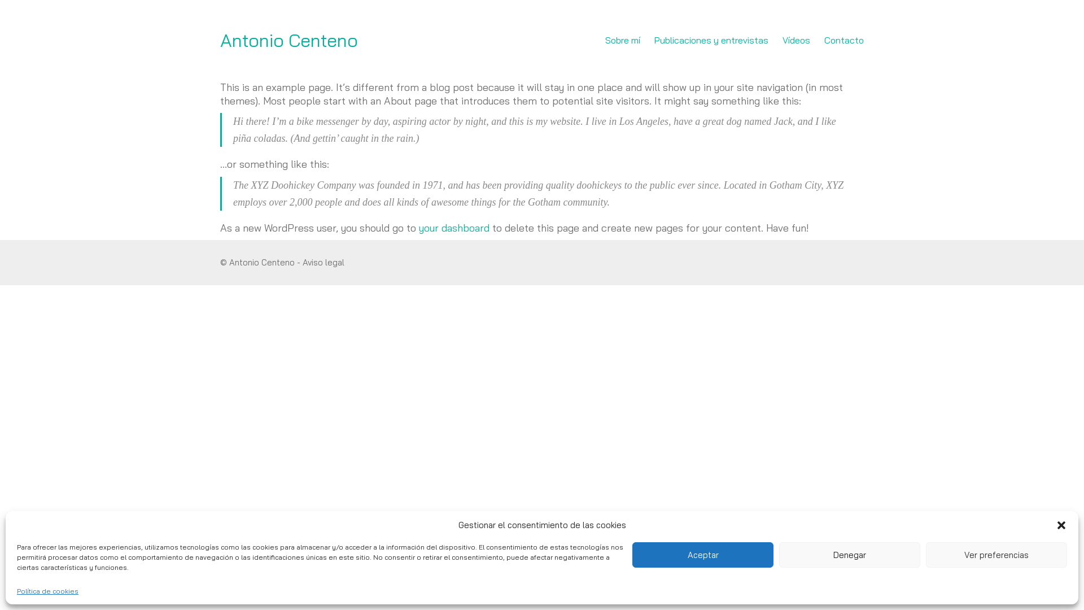 Image resolution: width=1084 pixels, height=610 pixels. I want to click on 'Contacto', so click(843, 40).